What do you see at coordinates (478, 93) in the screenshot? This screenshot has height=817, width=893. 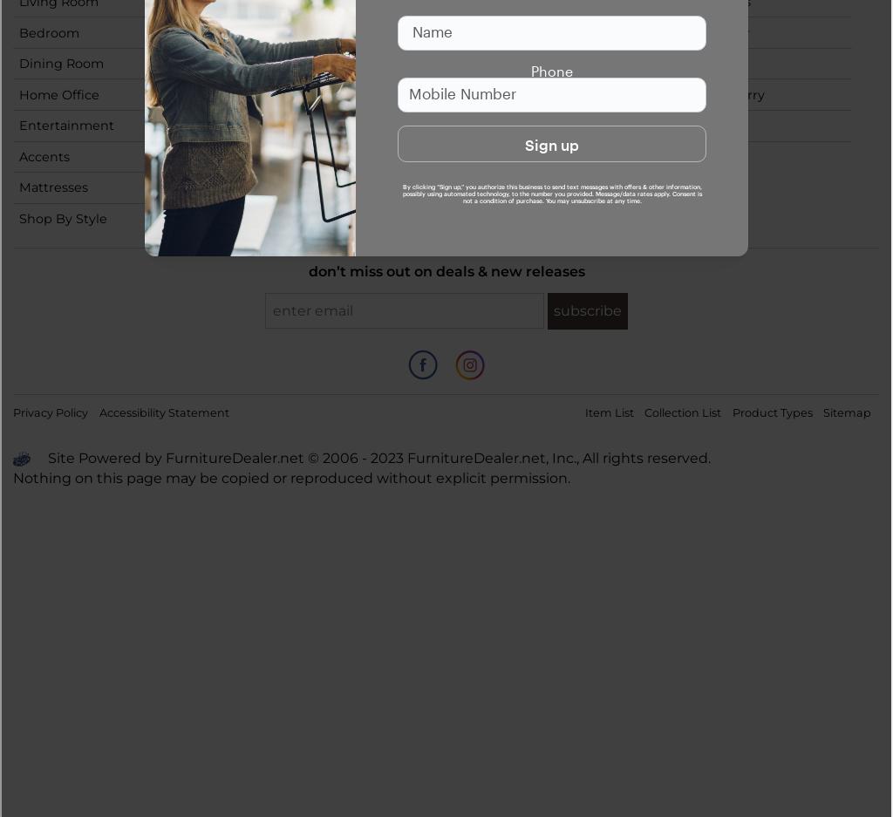 I see `'My Account'` at bounding box center [478, 93].